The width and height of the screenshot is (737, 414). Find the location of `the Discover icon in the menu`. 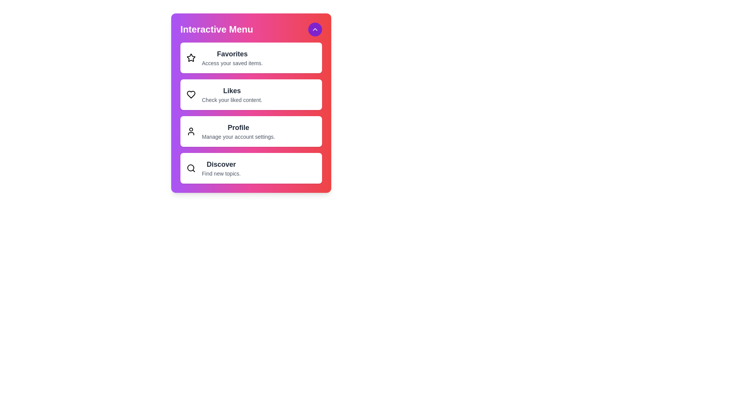

the Discover icon in the menu is located at coordinates (191, 168).